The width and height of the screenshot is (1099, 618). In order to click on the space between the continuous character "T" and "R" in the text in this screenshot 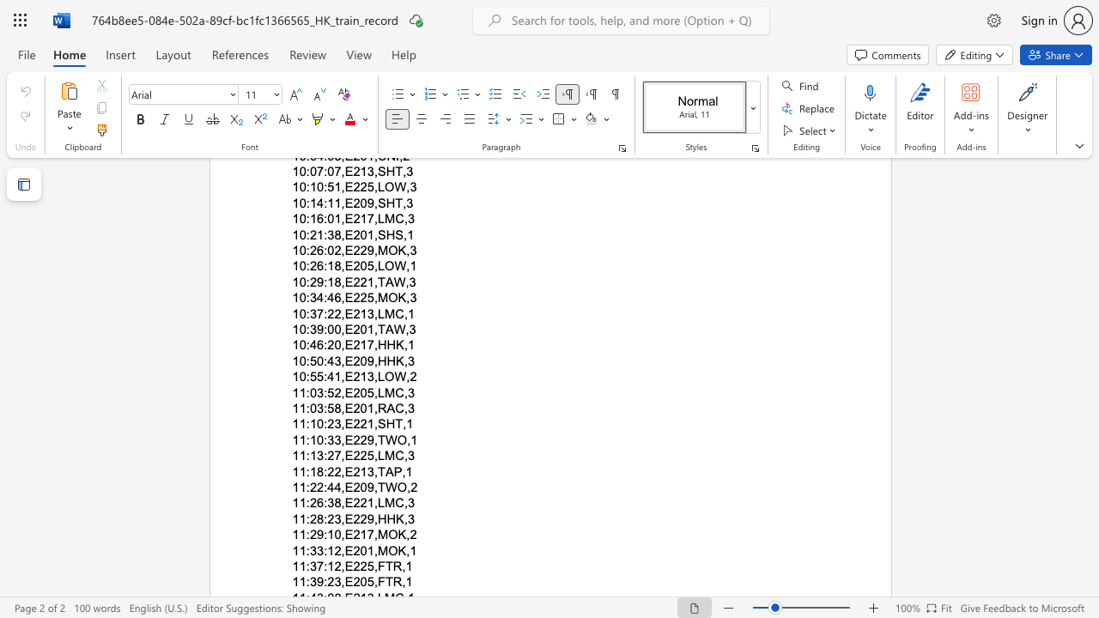, I will do `click(392, 581)`.